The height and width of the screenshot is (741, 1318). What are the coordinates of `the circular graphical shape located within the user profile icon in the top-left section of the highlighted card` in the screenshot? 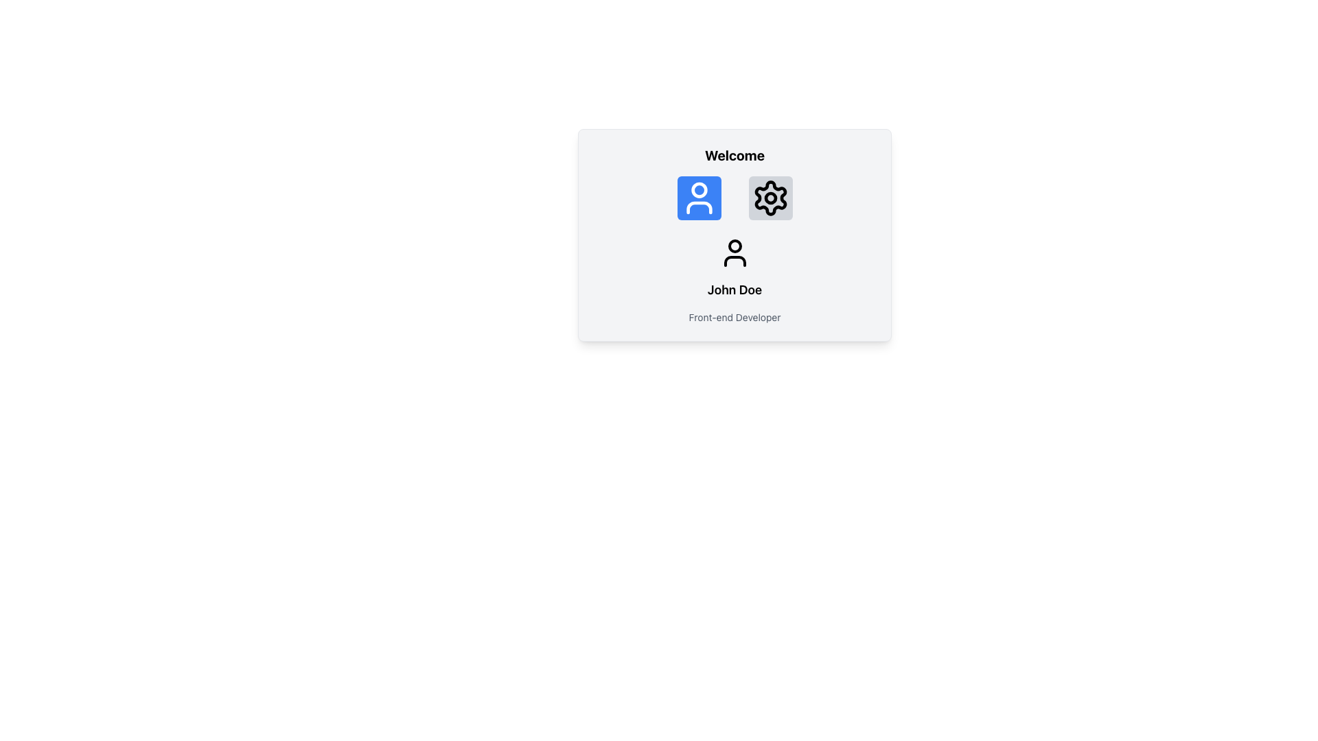 It's located at (734, 245).